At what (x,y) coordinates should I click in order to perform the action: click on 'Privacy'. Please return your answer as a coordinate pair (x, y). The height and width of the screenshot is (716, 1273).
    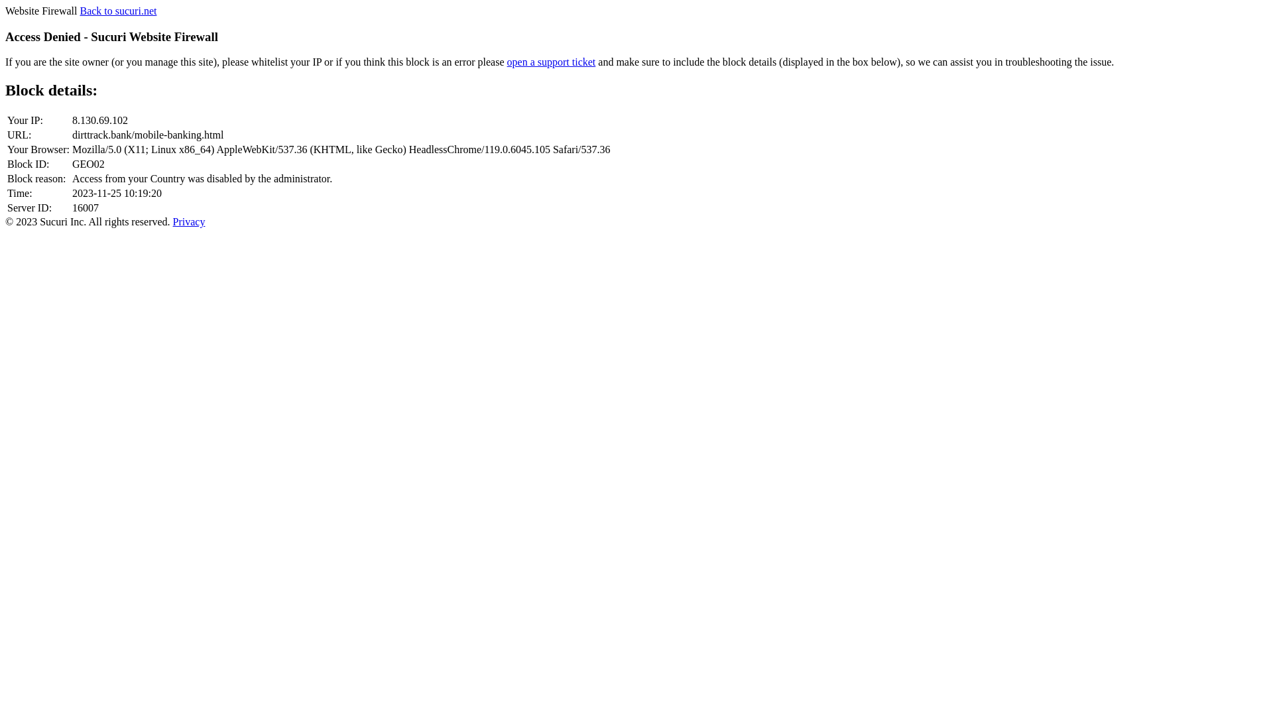
    Looking at the image, I should click on (172, 221).